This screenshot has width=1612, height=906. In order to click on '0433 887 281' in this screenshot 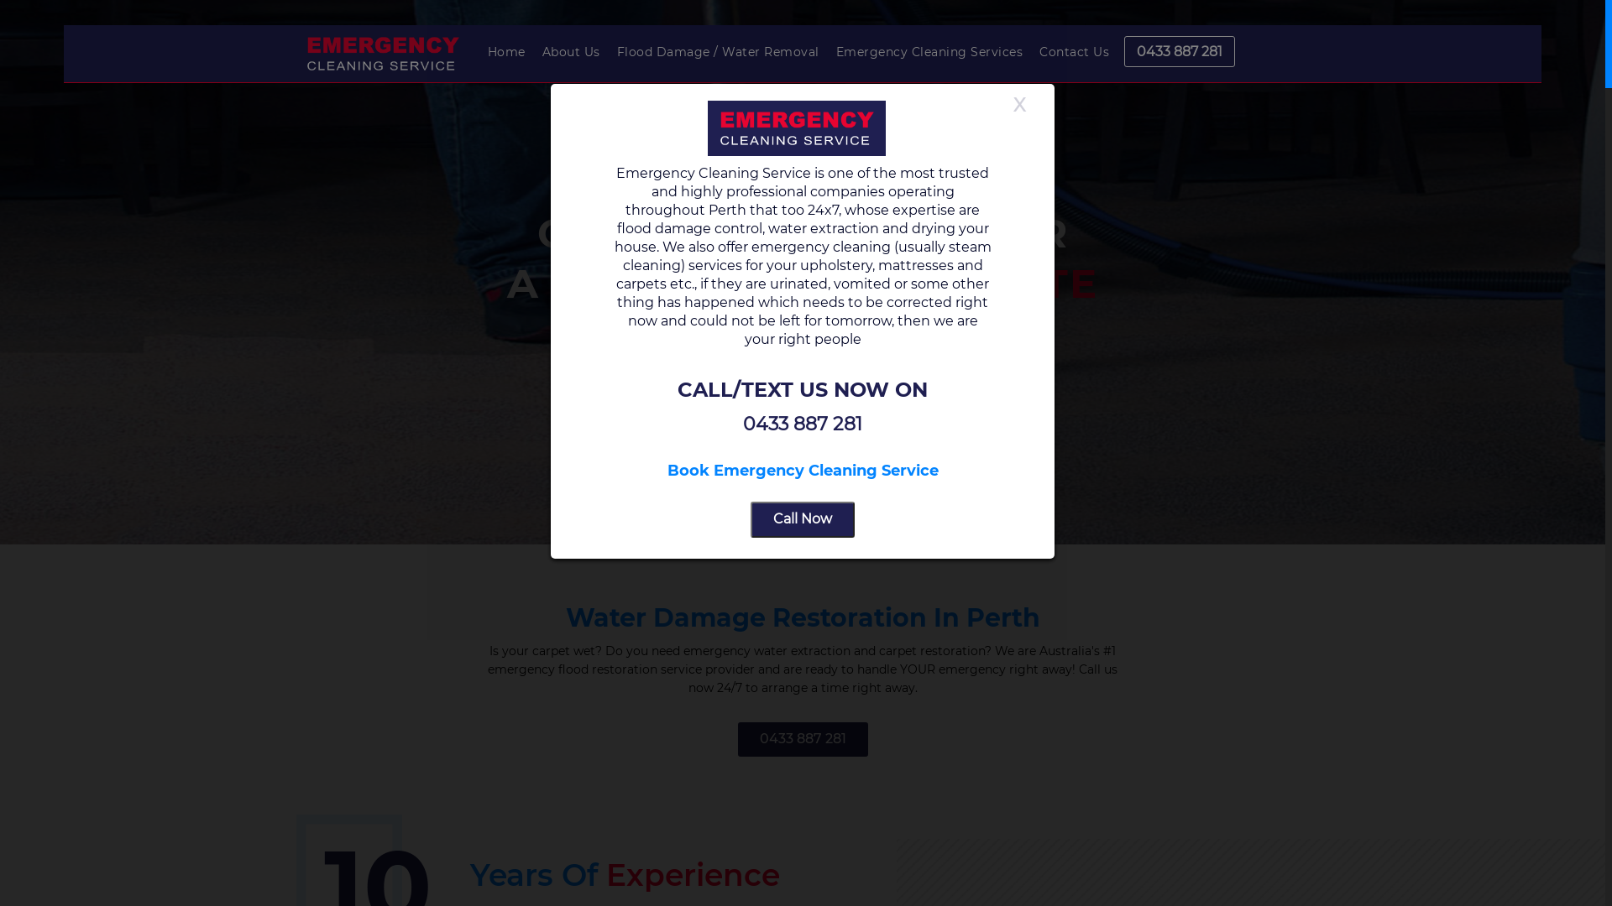, I will do `click(801, 738)`.